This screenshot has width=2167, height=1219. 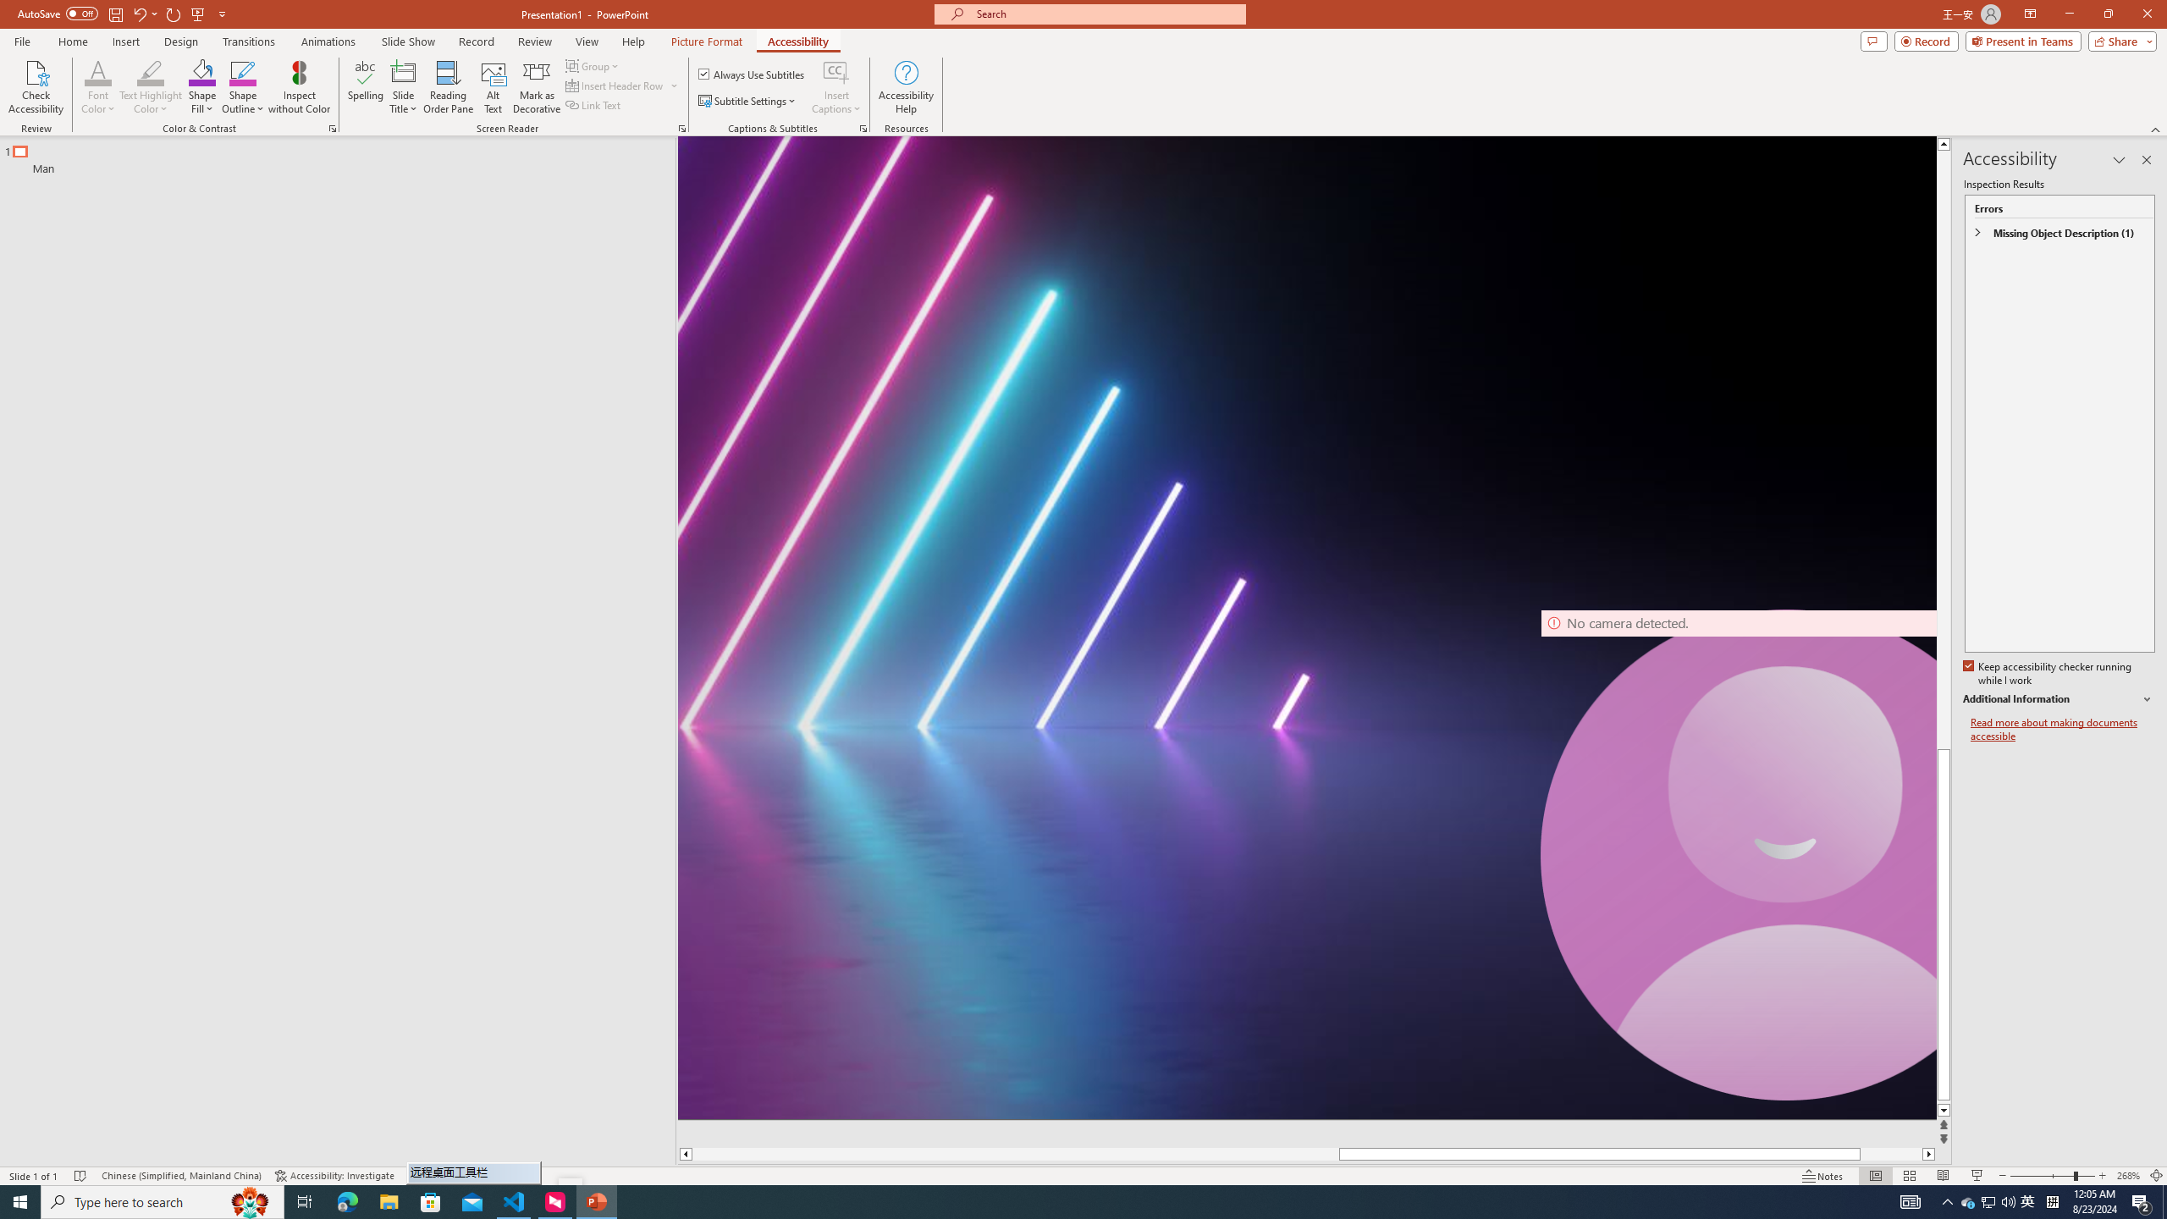 What do you see at coordinates (536, 87) in the screenshot?
I see `'Mark as Decorative'` at bounding box center [536, 87].